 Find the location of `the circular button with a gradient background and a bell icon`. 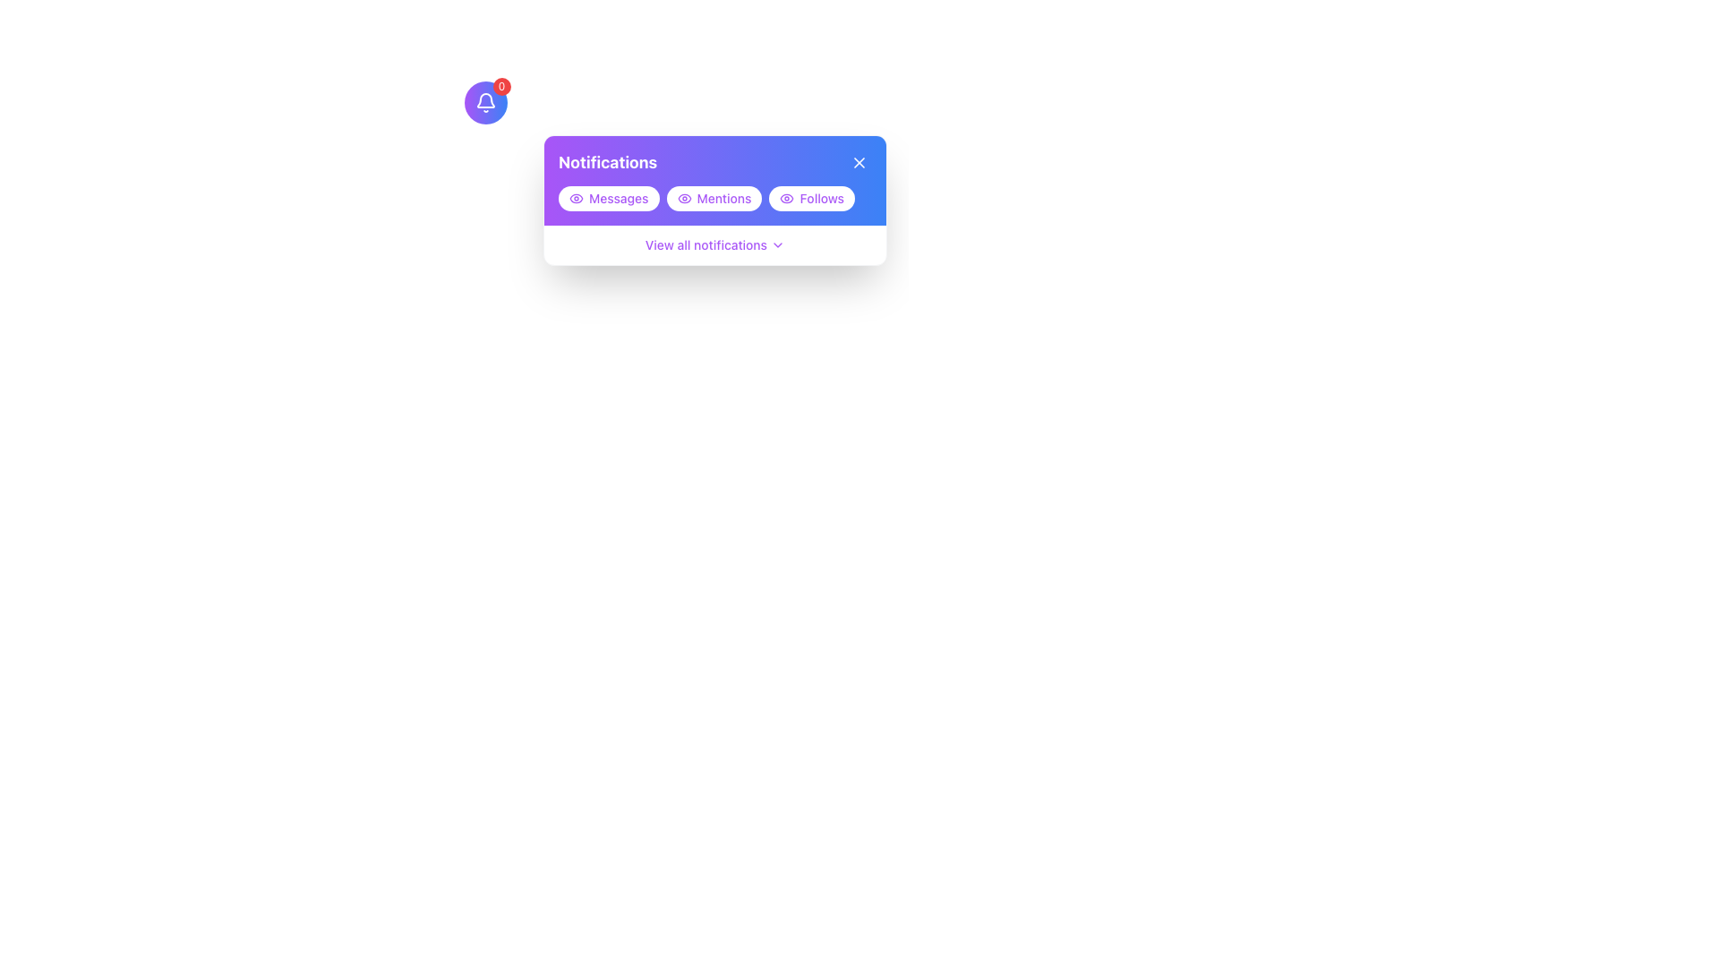

the circular button with a gradient background and a bell icon is located at coordinates (485, 103).